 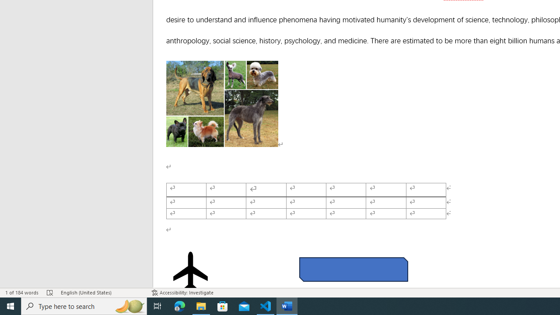 What do you see at coordinates (101, 293) in the screenshot?
I see `'Language English (United States)'` at bounding box center [101, 293].